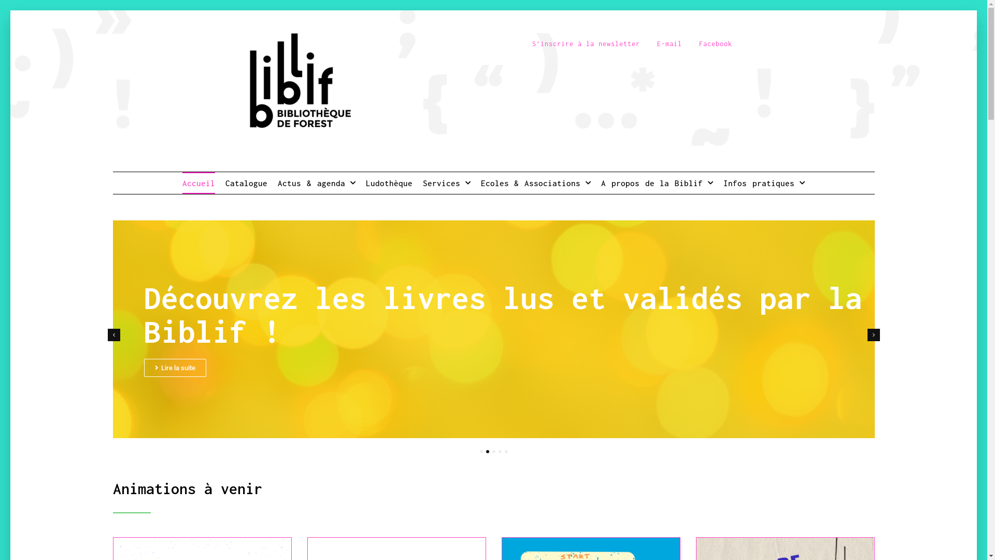 The height and width of the screenshot is (560, 995). Describe the element at coordinates (447, 183) in the screenshot. I see `'Services'` at that location.